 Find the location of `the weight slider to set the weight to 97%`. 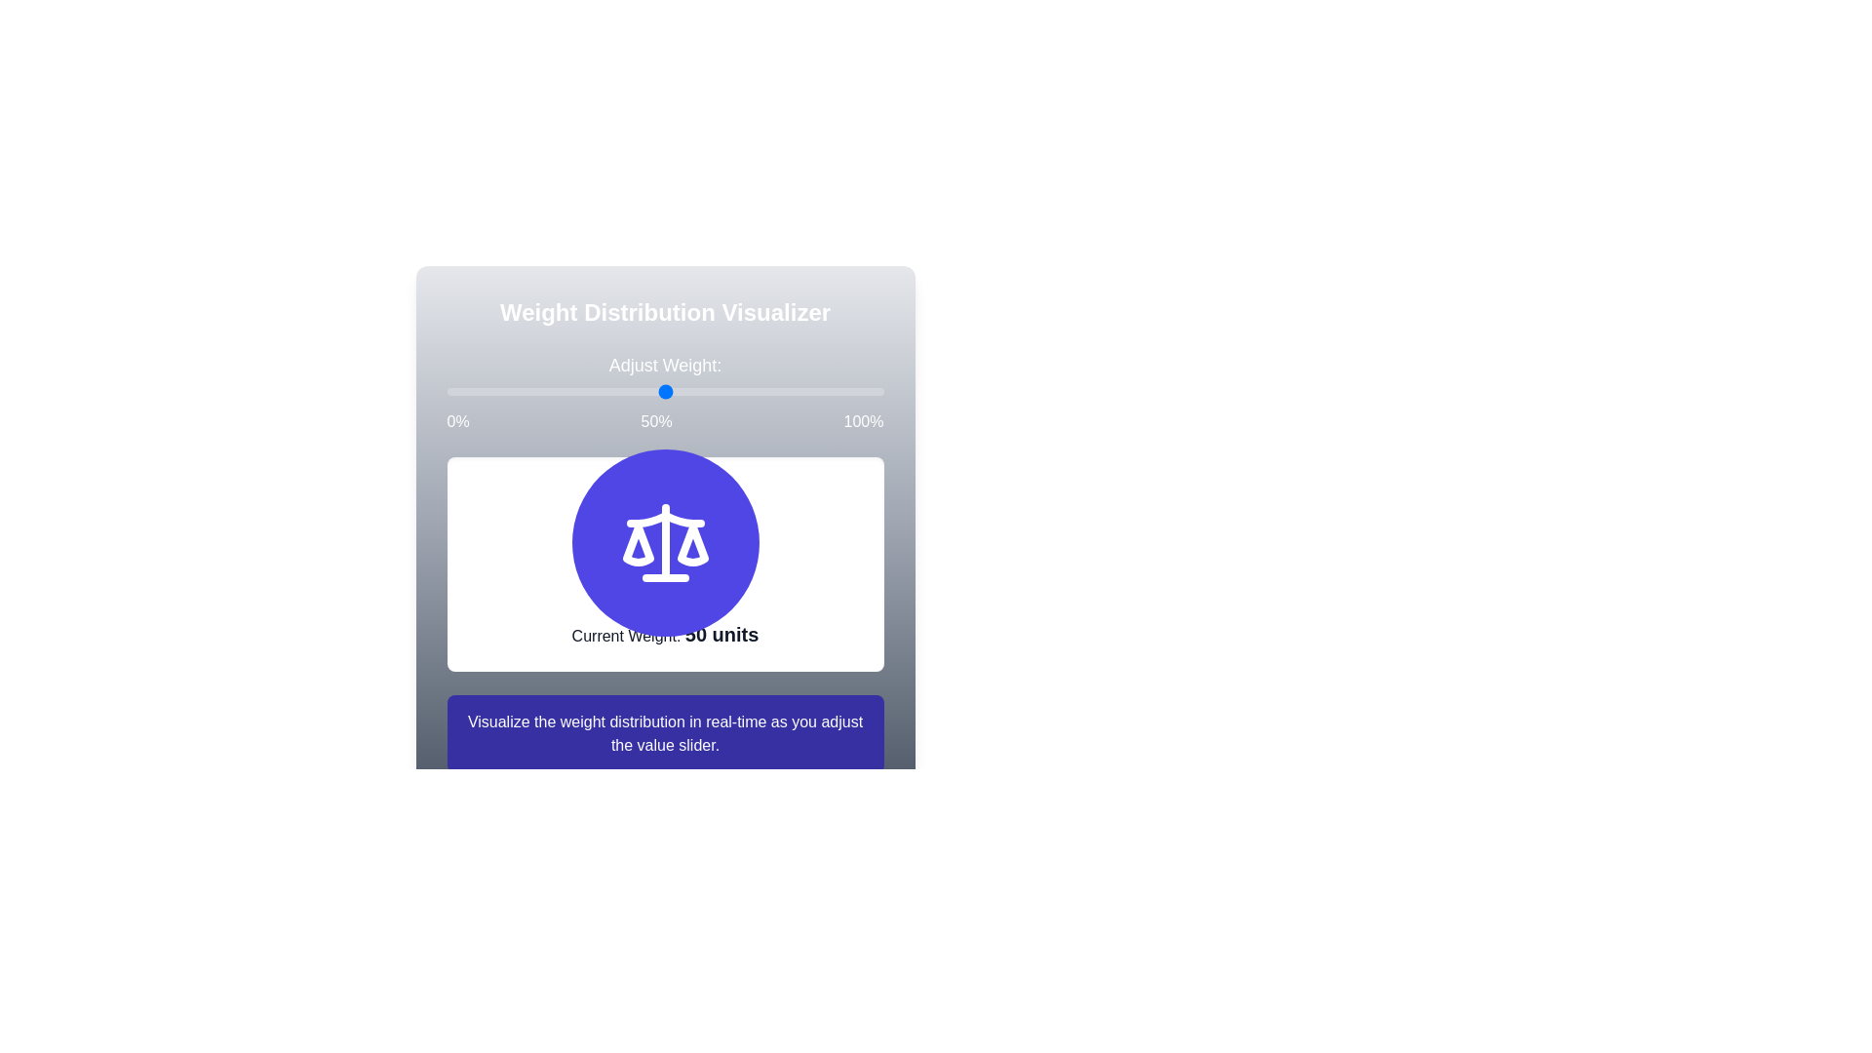

the weight slider to set the weight to 97% is located at coordinates (446, 391).